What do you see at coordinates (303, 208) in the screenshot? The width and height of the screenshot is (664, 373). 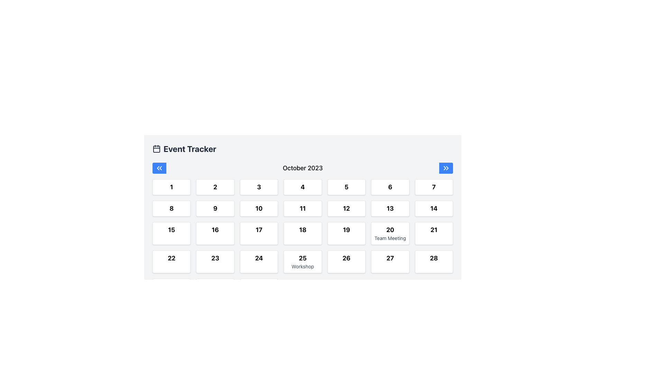 I see `the text label displaying '11' in bold font within the bordered box on the calendar` at bounding box center [303, 208].